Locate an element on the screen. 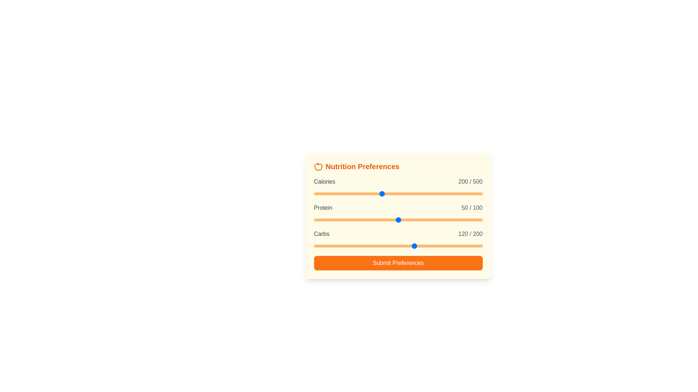 The height and width of the screenshot is (392, 698). the protein intake value is located at coordinates (374, 219).